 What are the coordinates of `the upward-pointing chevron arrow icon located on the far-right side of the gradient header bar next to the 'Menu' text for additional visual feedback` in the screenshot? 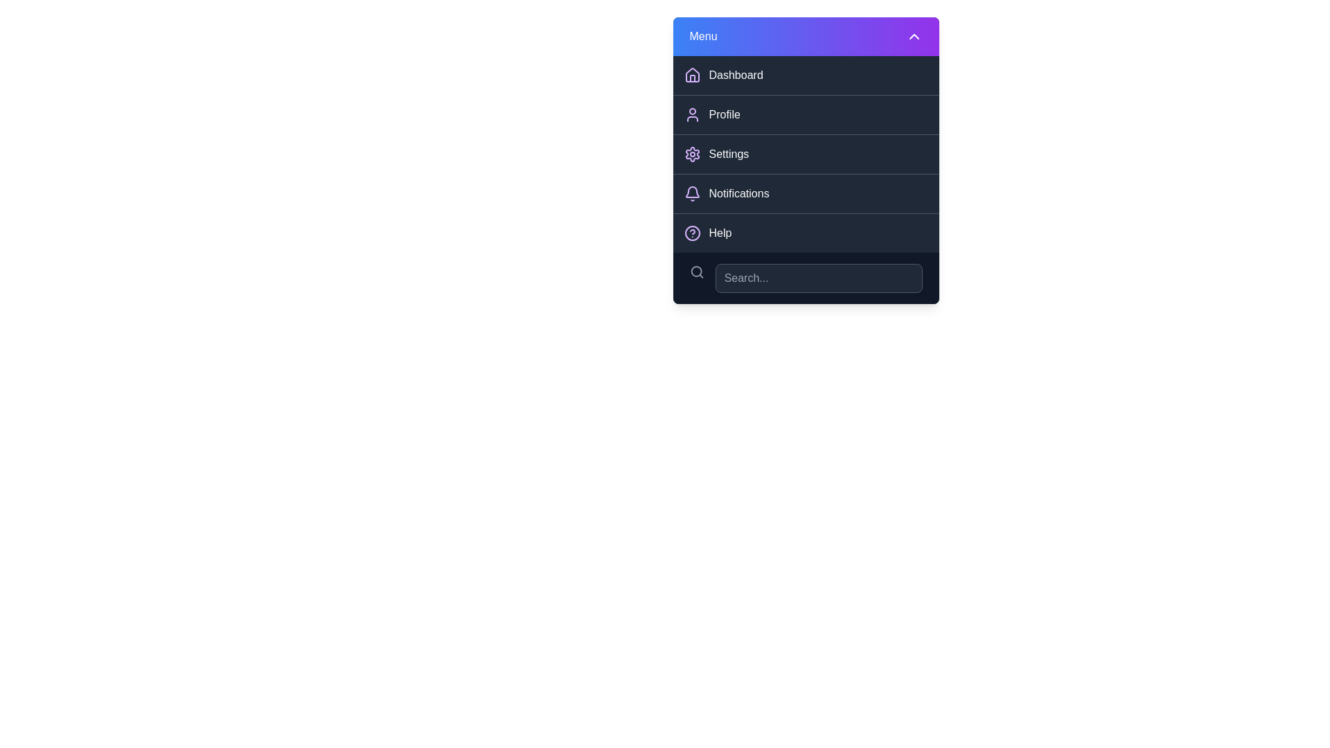 It's located at (914, 36).